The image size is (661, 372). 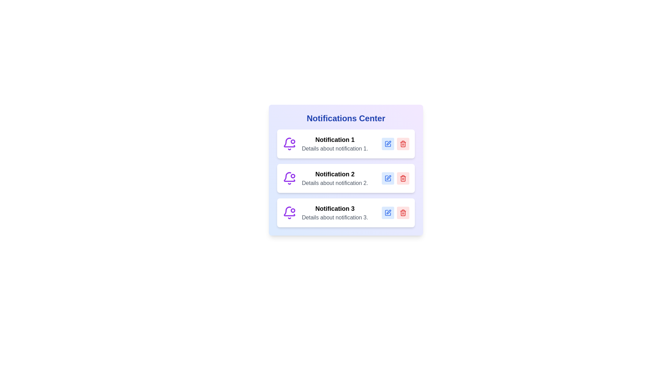 I want to click on the red trash bin icon button, so click(x=403, y=143).